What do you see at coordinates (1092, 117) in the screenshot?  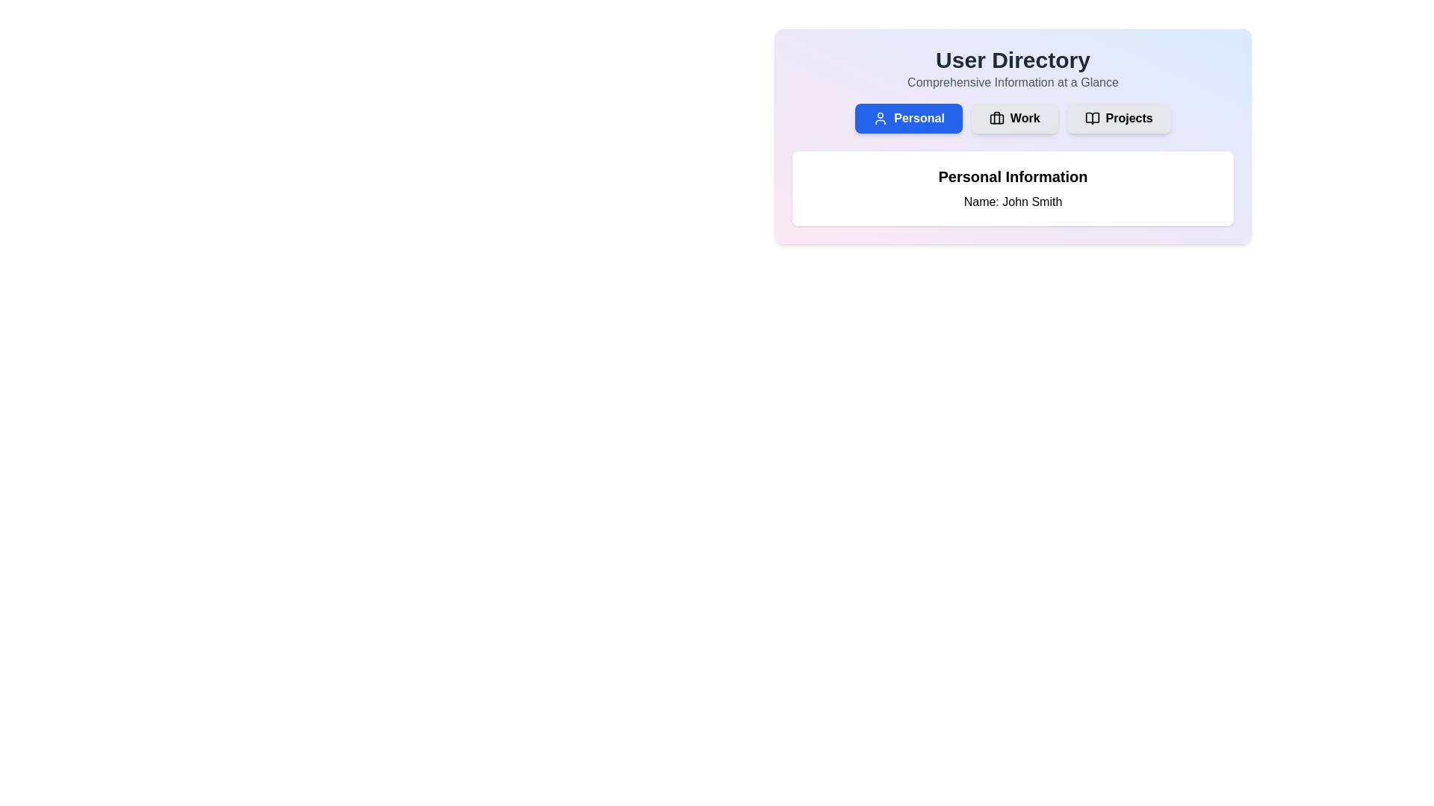 I see `the 'Projects' button icon, which is the third button in a row of three buttons labeled 'Personal', 'Work', and 'Projects'` at bounding box center [1092, 117].